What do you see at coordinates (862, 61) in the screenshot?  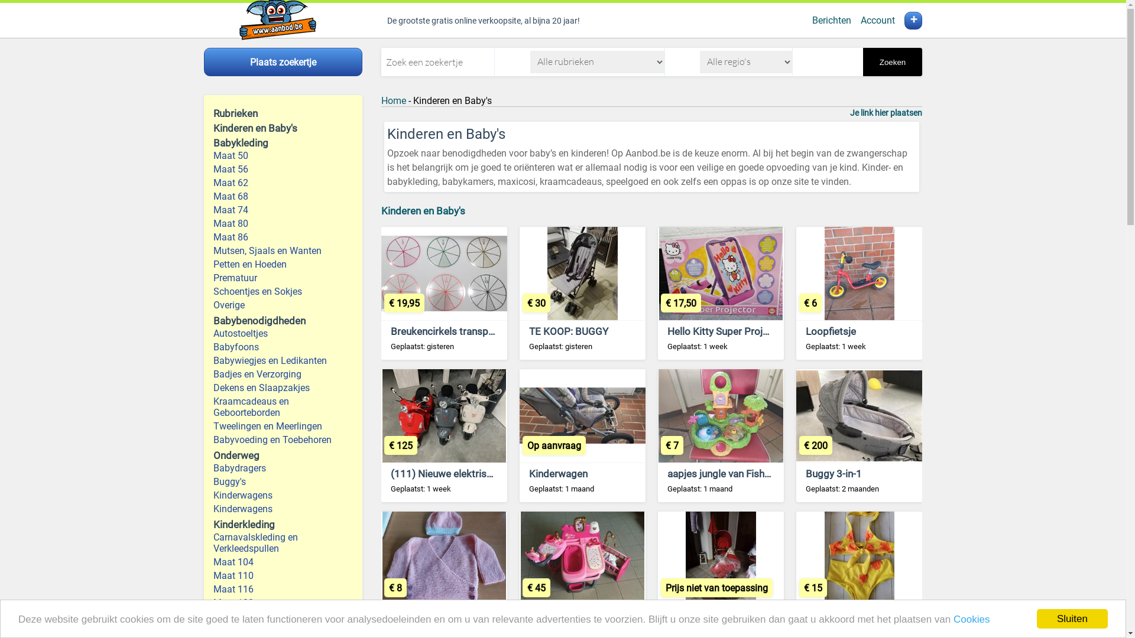 I see `'Zoeken'` at bounding box center [862, 61].